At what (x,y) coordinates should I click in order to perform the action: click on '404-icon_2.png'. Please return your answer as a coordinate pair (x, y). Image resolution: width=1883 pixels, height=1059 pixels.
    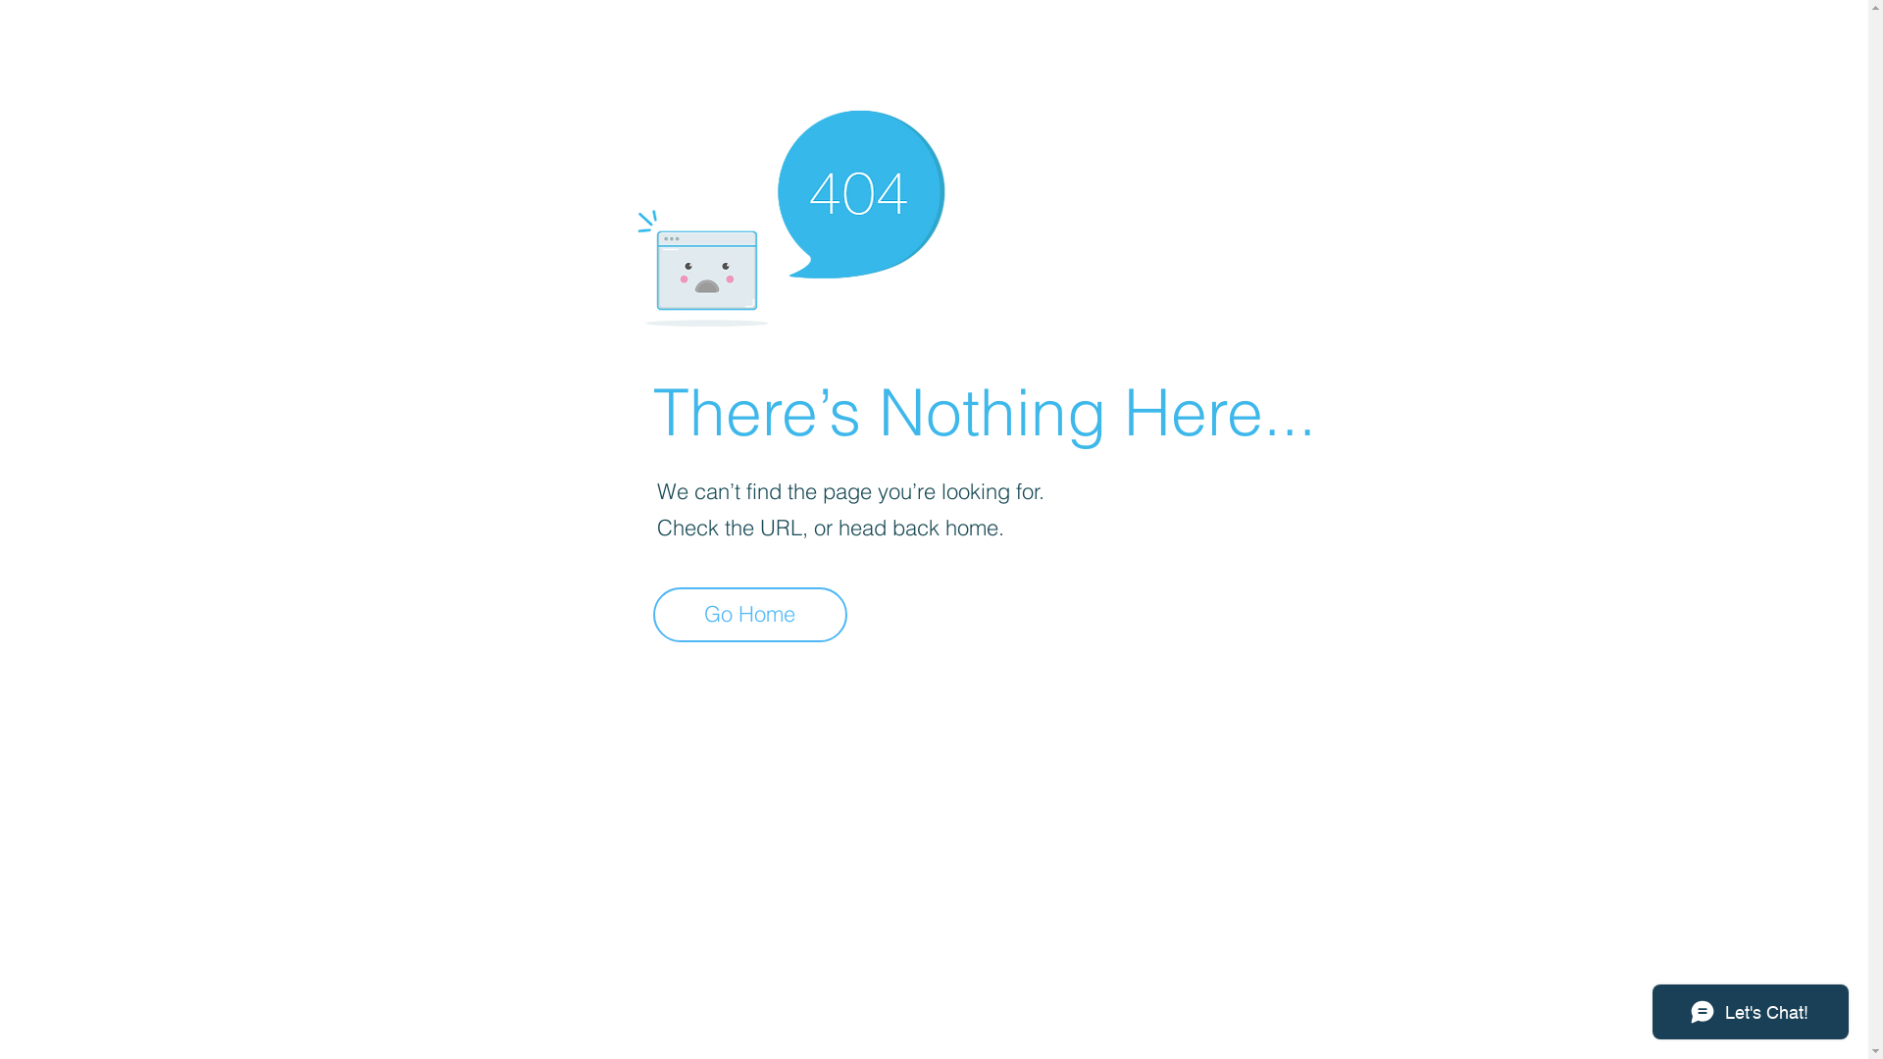
    Looking at the image, I should click on (789, 213).